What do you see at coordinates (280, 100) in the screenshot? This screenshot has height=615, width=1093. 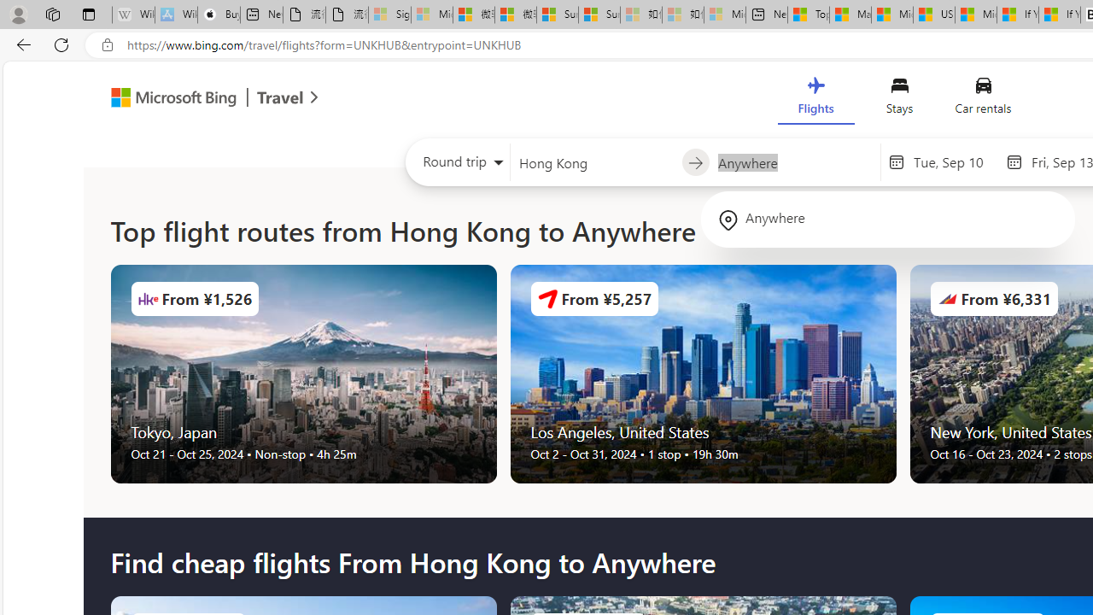 I see `'Travel'` at bounding box center [280, 100].